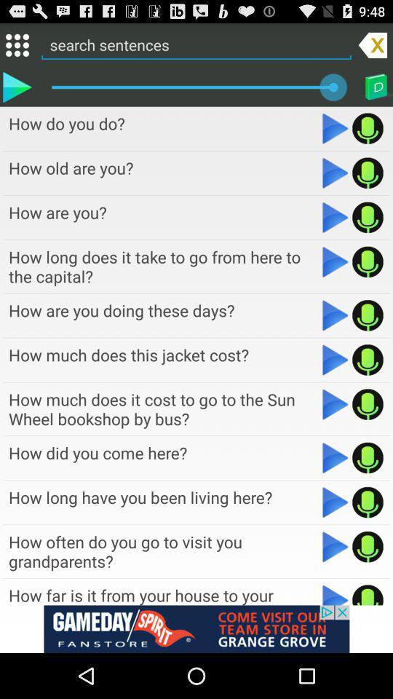 This screenshot has height=699, width=393. I want to click on record voice, so click(367, 315).